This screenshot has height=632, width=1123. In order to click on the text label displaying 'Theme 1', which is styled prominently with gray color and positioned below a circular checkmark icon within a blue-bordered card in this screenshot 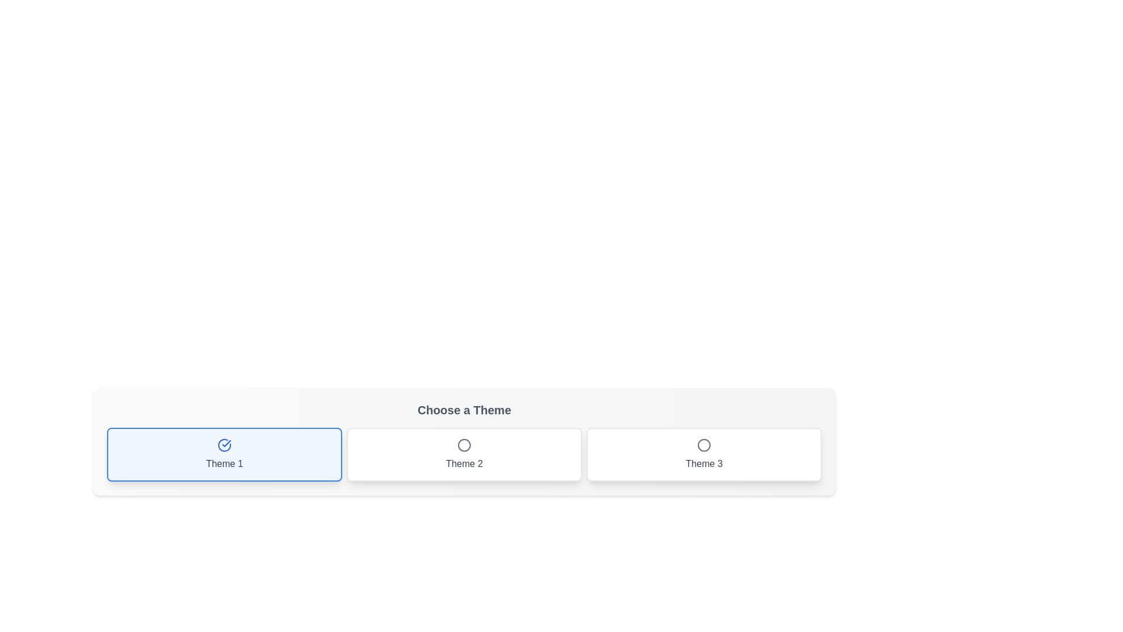, I will do `click(225, 463)`.